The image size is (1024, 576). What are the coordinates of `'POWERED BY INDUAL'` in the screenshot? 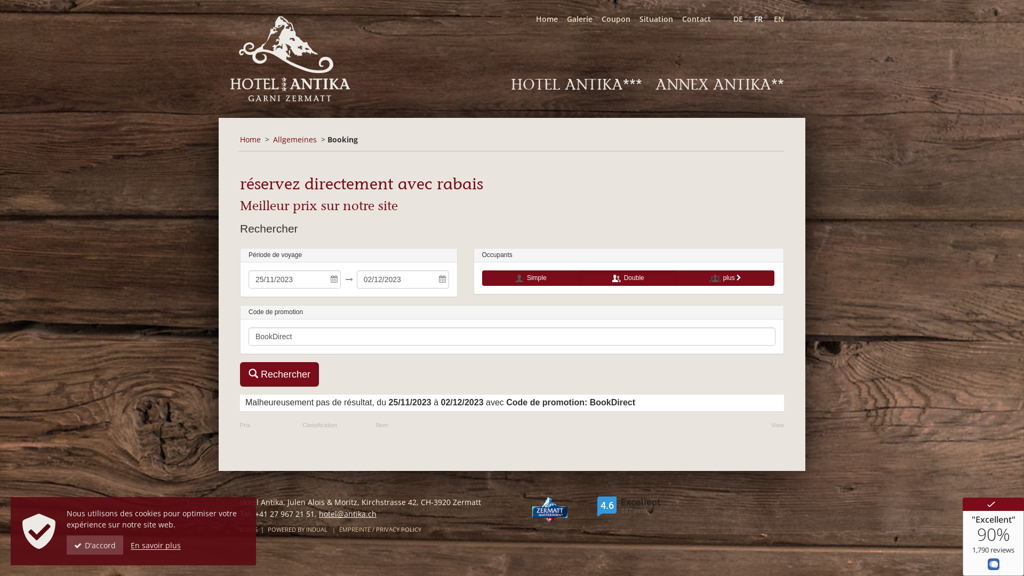 It's located at (268, 529).